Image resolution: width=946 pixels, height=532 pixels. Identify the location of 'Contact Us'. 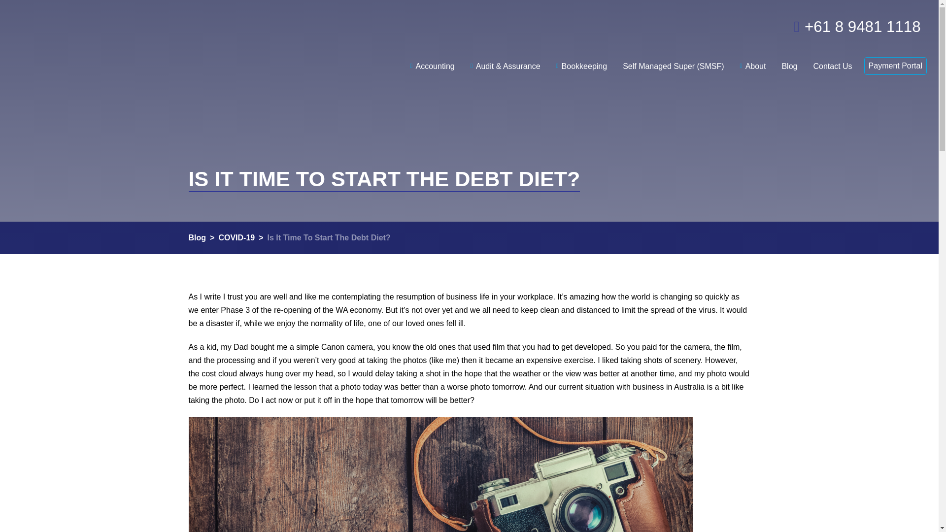
(832, 59).